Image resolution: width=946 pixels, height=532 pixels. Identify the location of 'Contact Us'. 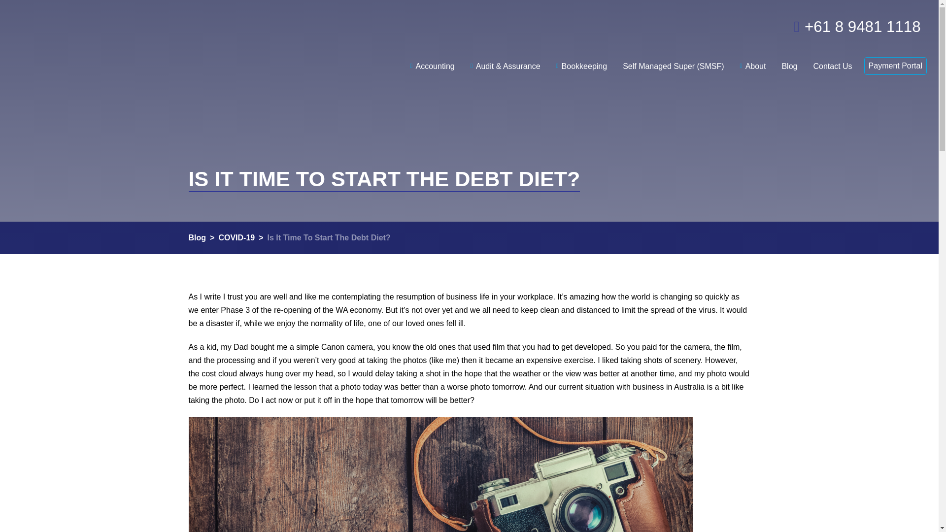
(832, 59).